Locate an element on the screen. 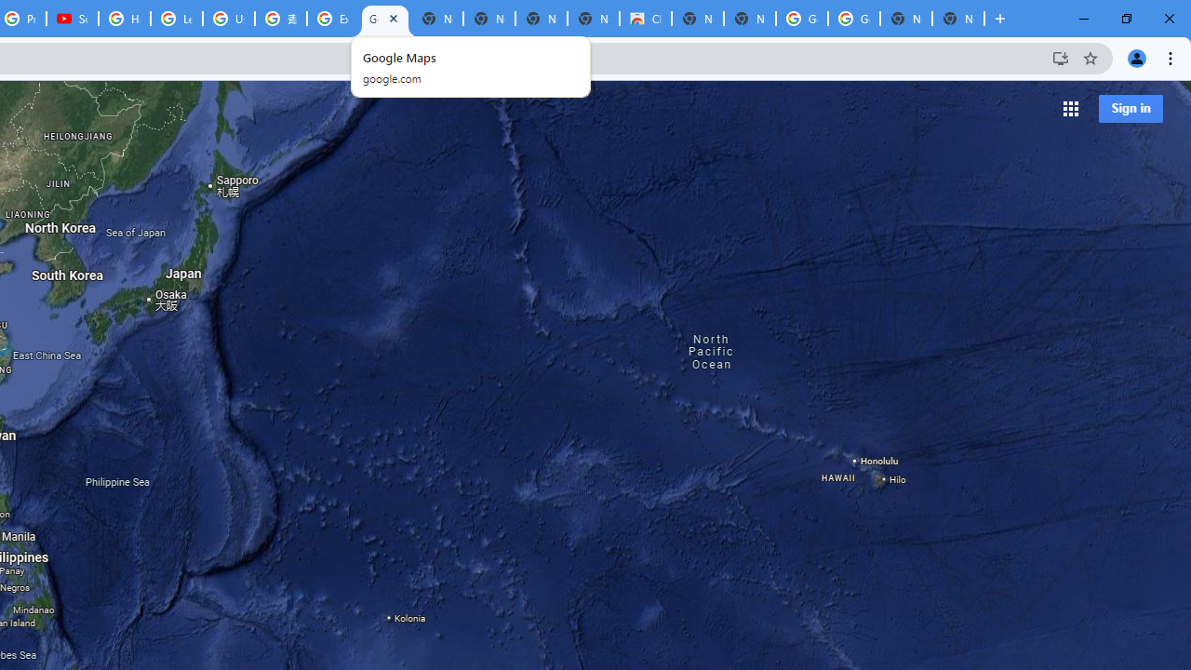 Image resolution: width=1191 pixels, height=670 pixels. 'Subscriptions - YouTube' is located at coordinates (73, 19).